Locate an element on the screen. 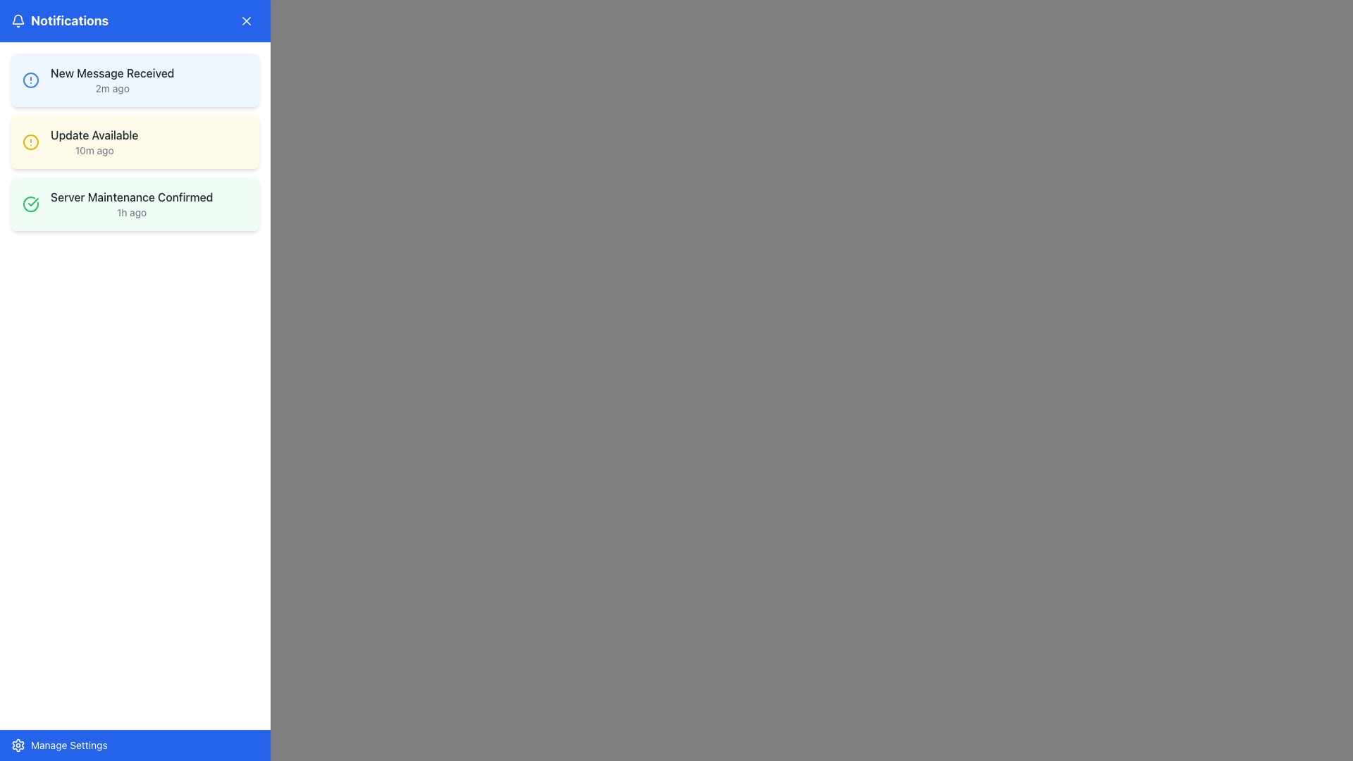  the text display of the first notification card in the sidebar notification panel that indicates a new message notification is located at coordinates (111, 80).